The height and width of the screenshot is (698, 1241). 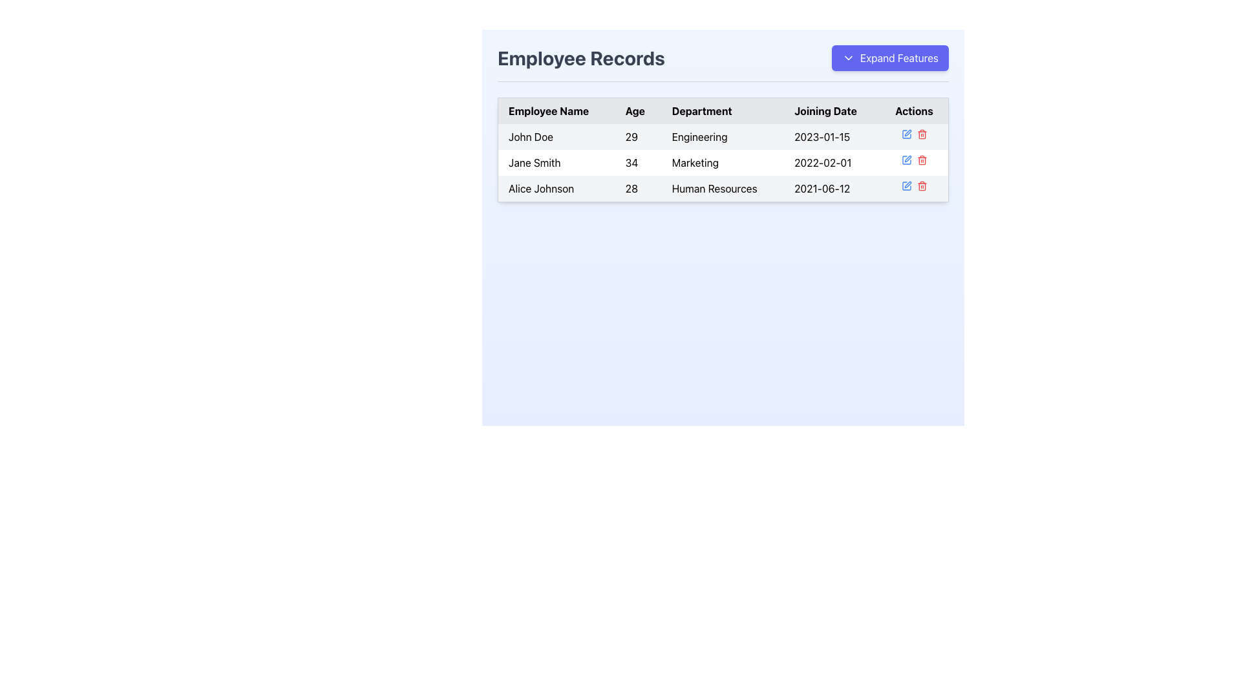 I want to click on 'Employee Records' title for context from the Composite section containing a title and button, which features a left-aligned bold title and a right-aligned button labeled 'Expand Features', so click(x=722, y=63).